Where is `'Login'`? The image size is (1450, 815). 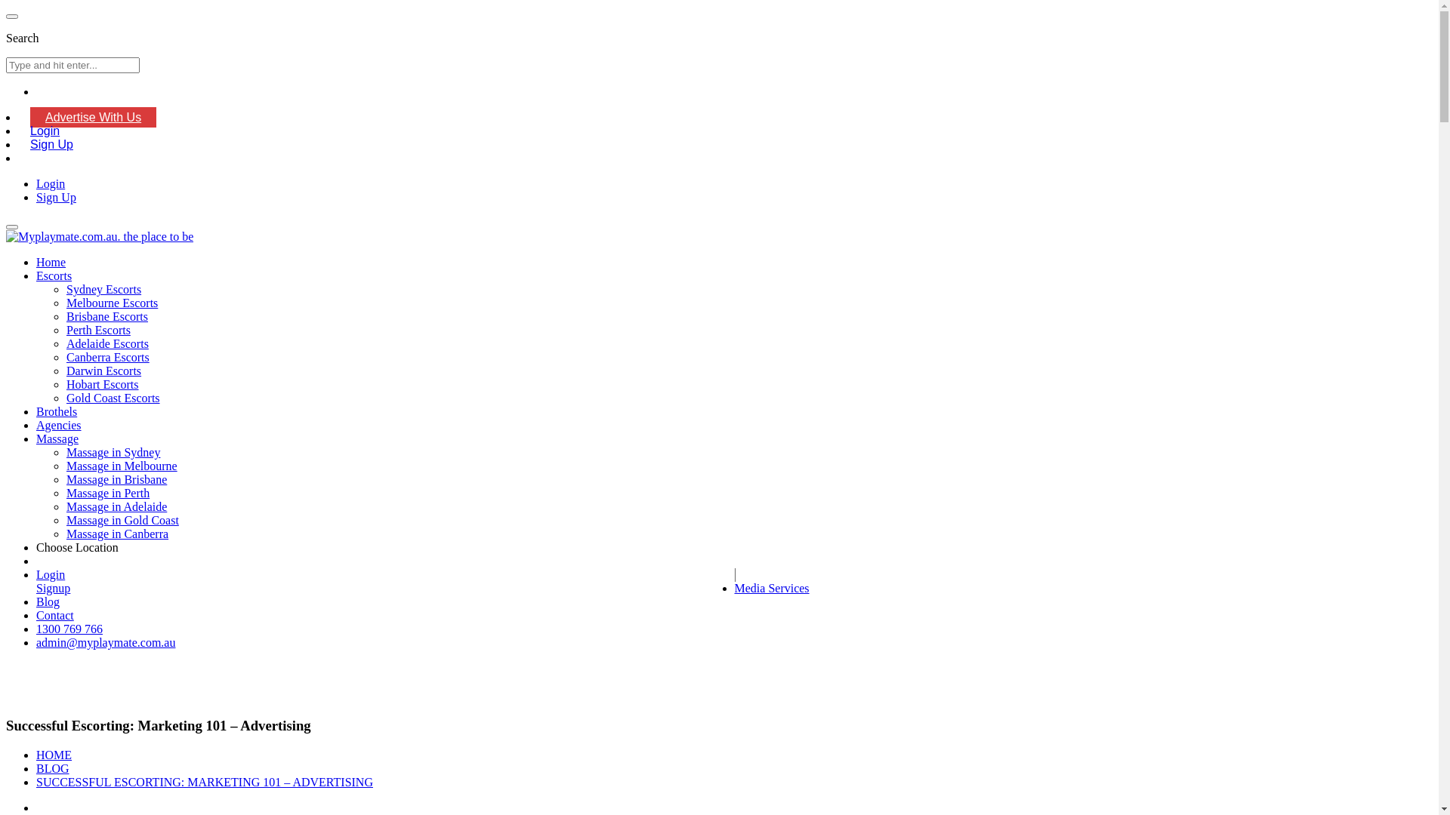
'Login' is located at coordinates (51, 183).